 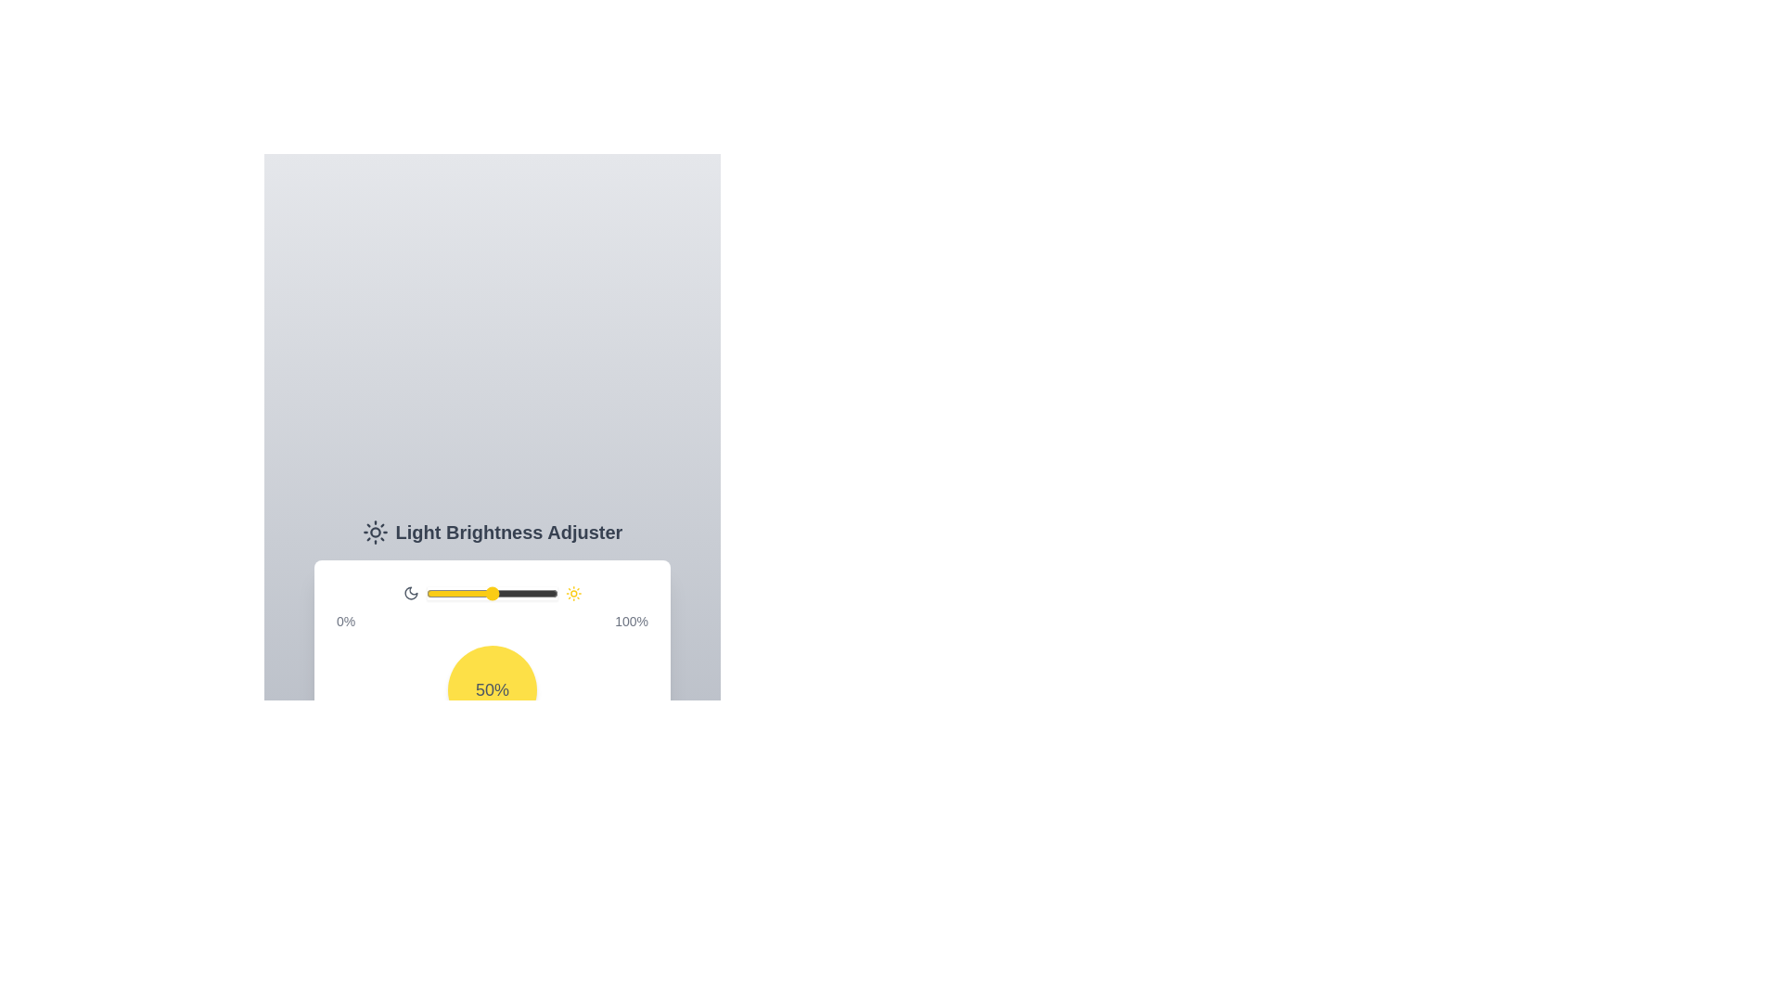 I want to click on the brightness to 71%, so click(x=519, y=594).